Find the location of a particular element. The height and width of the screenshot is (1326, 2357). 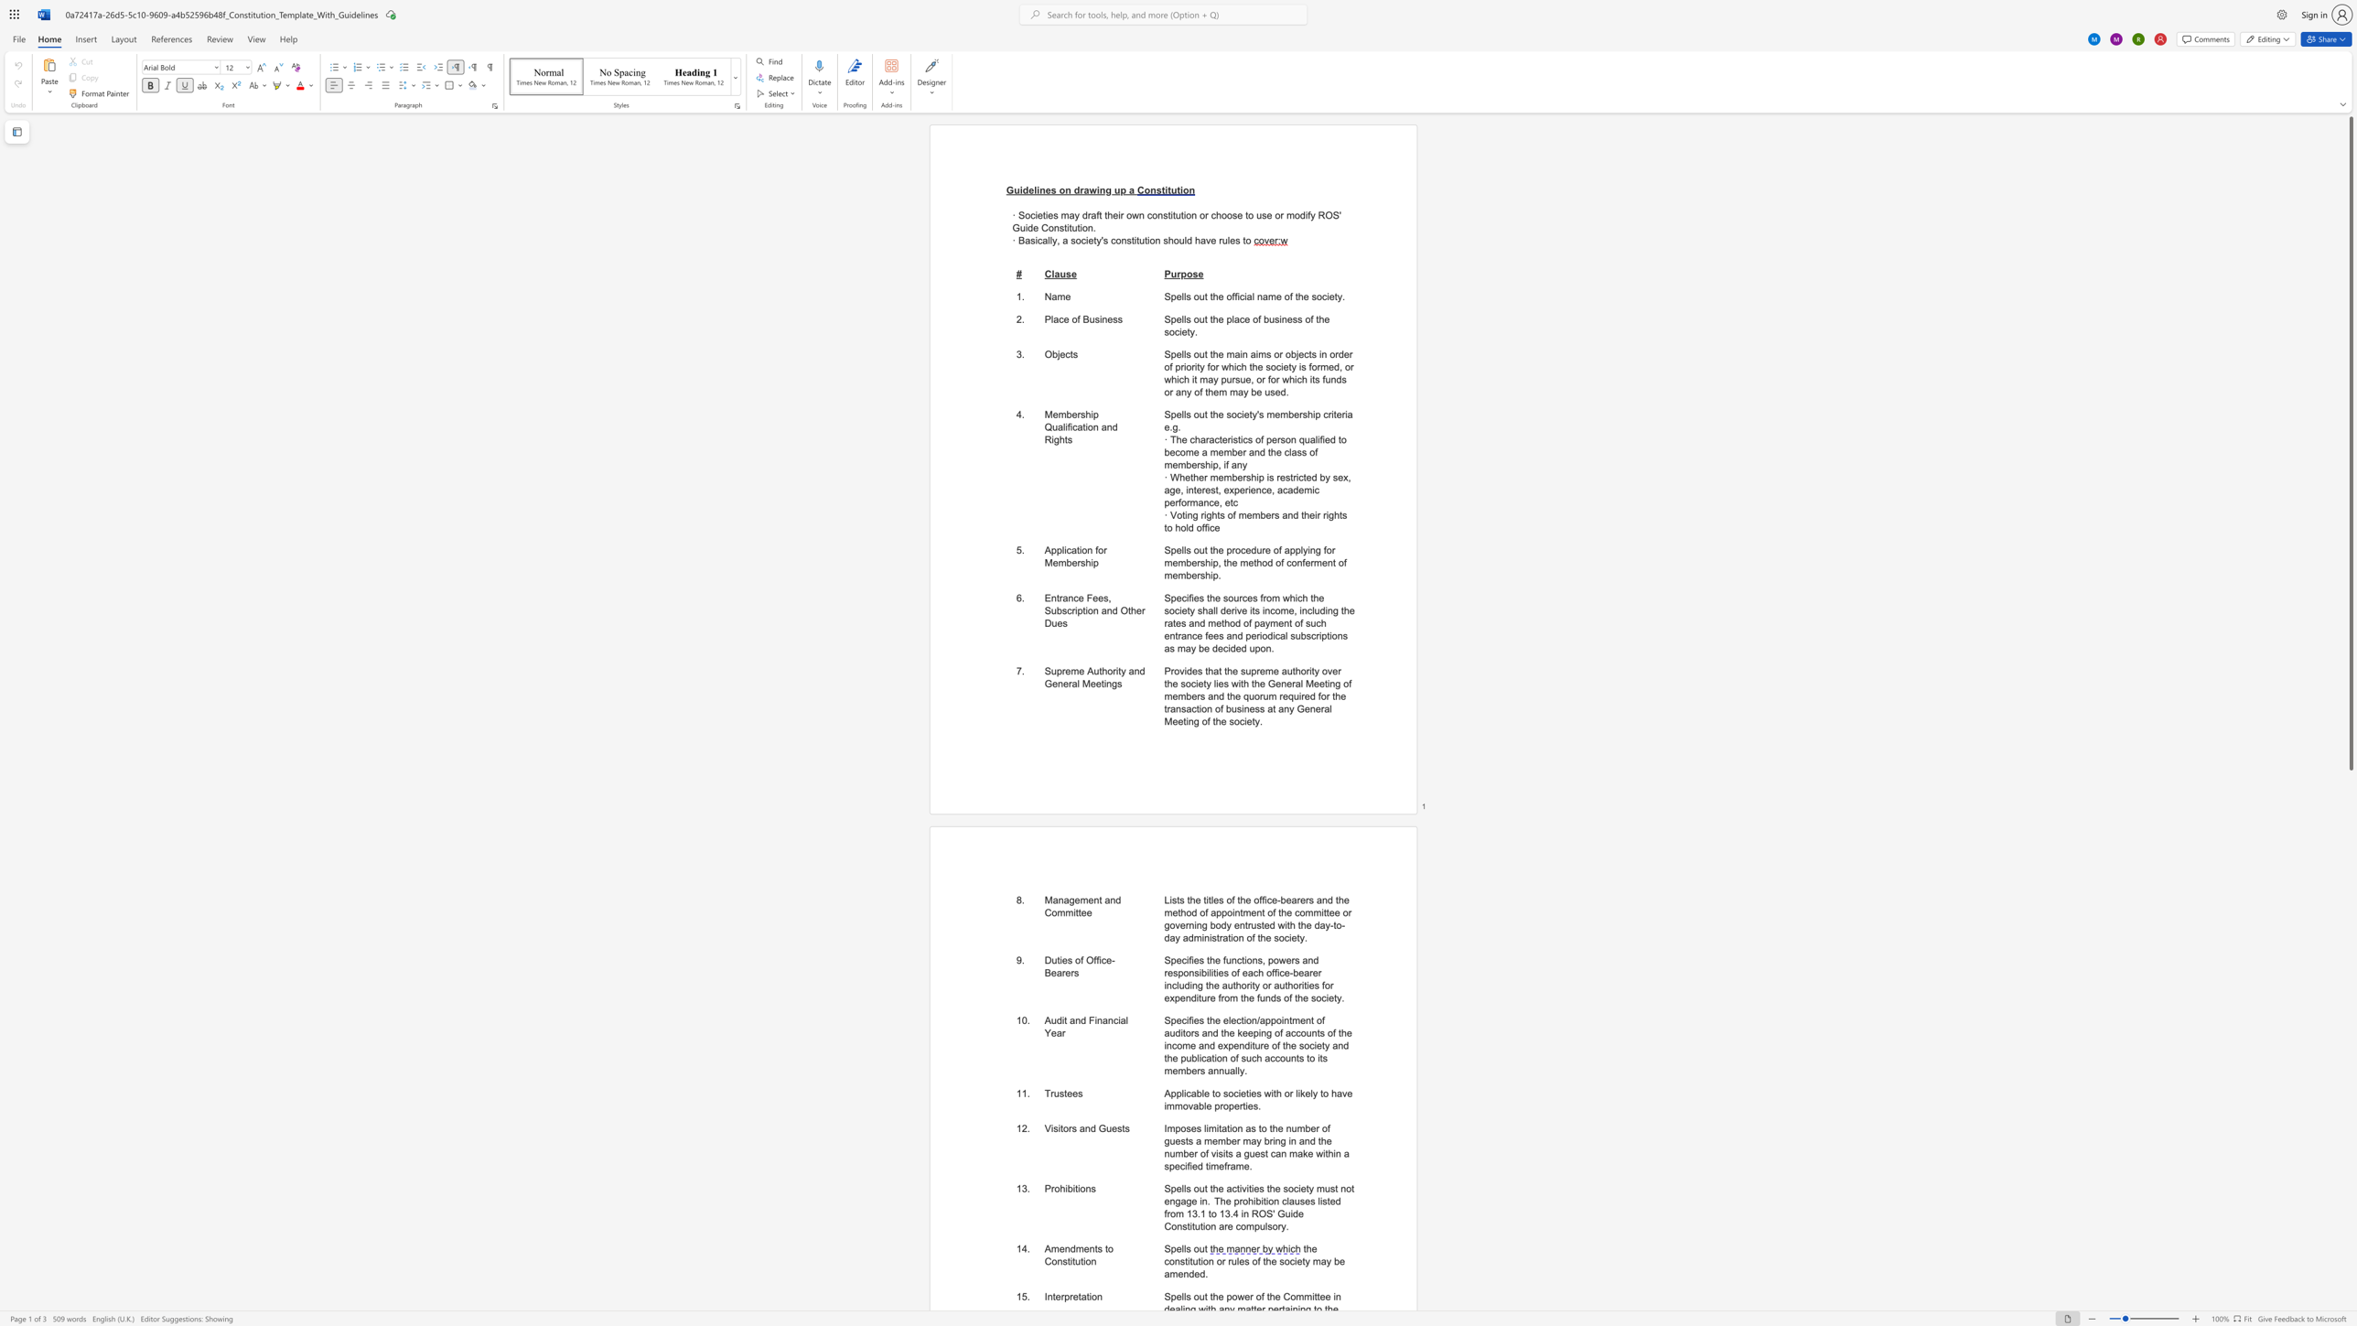

the subset text "Guide Const" within the text "ROS" is located at coordinates (1012, 227).